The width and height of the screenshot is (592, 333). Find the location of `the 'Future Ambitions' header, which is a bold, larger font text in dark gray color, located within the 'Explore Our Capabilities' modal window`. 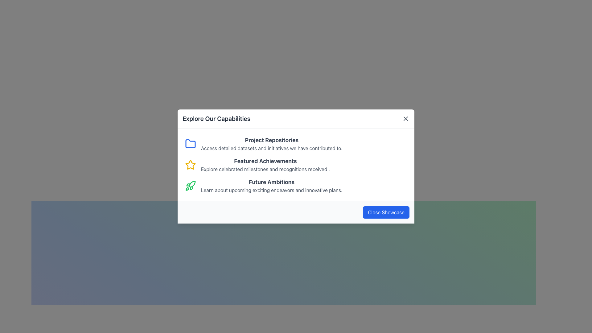

the 'Future Ambitions' header, which is a bold, larger font text in dark gray color, located within the 'Explore Our Capabilities' modal window is located at coordinates (271, 182).